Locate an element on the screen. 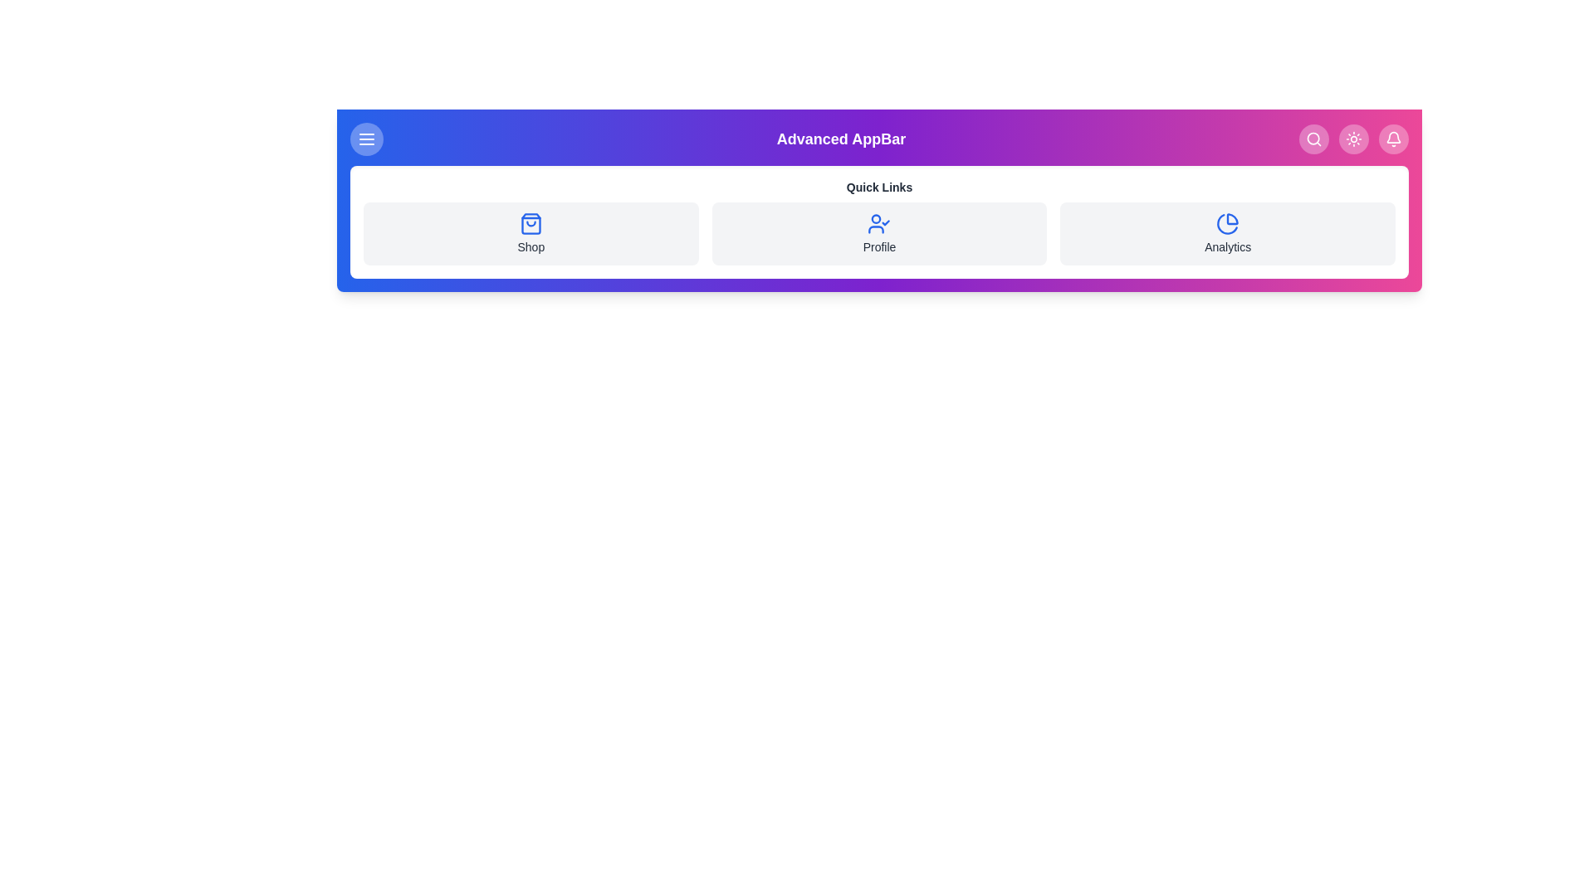  the quick link labeled Shop is located at coordinates (530, 233).